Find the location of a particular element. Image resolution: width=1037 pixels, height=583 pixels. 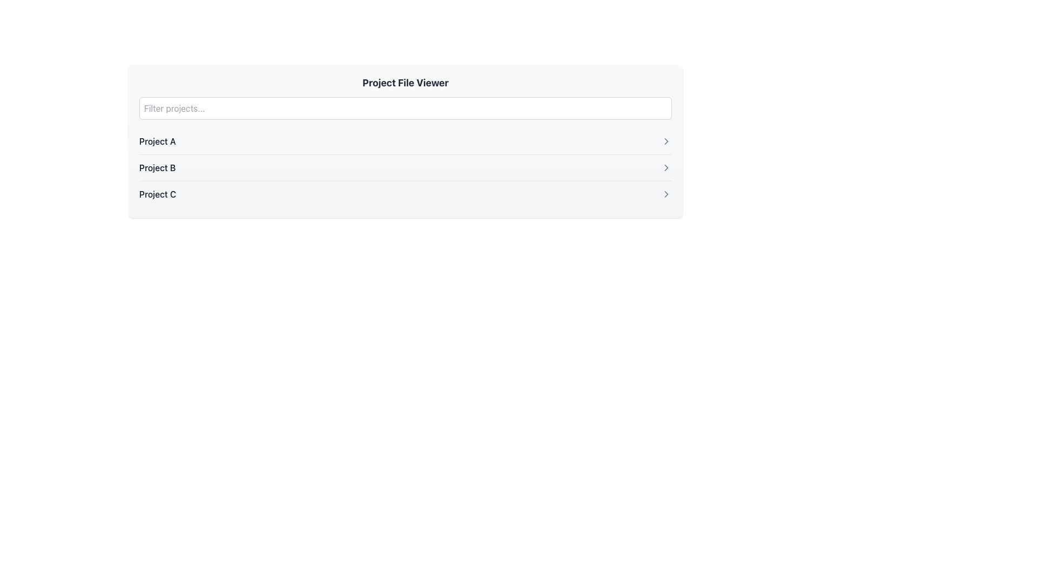

text label 'Project B' which is the second item in a vertical list of projects, positioned centrally between 'Project A' above and 'Project C' below is located at coordinates (157, 168).